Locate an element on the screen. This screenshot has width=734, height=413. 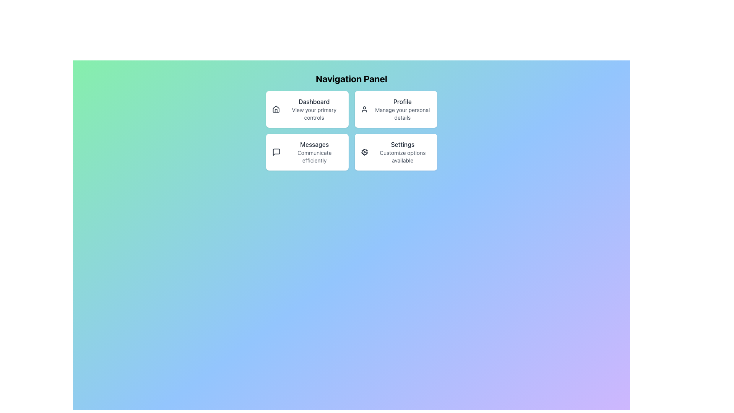
the cogwheel icon located to the left of the 'Settings' text in the bottom-right card of the interface is located at coordinates (364, 152).